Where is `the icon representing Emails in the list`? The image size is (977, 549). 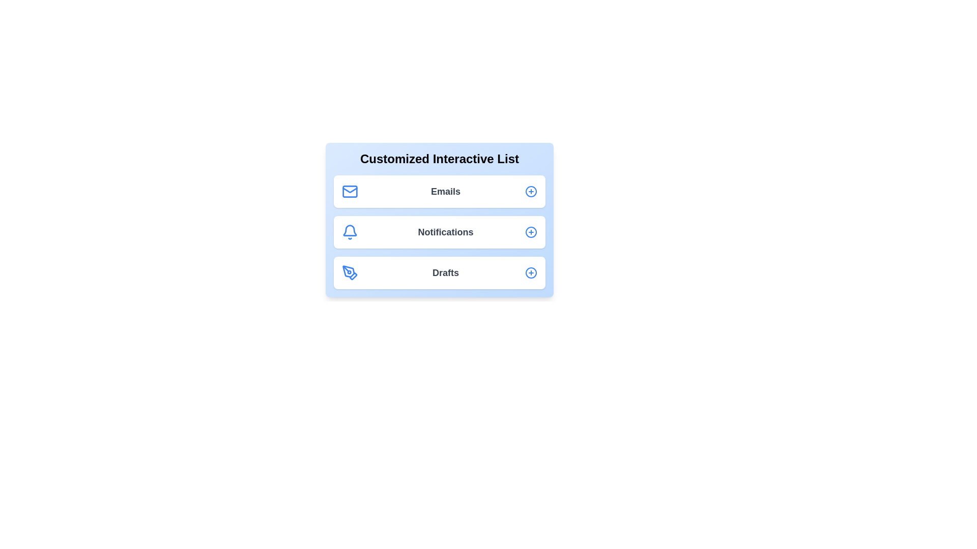
the icon representing Emails in the list is located at coordinates (350, 192).